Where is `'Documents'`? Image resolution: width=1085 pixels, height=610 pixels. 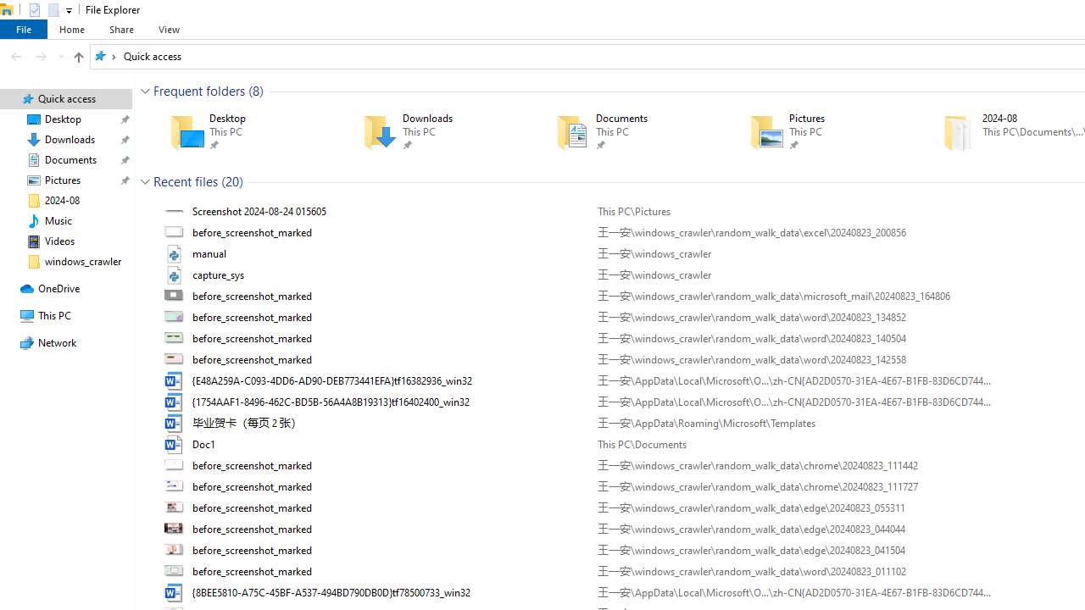
'Documents' is located at coordinates (627, 131).